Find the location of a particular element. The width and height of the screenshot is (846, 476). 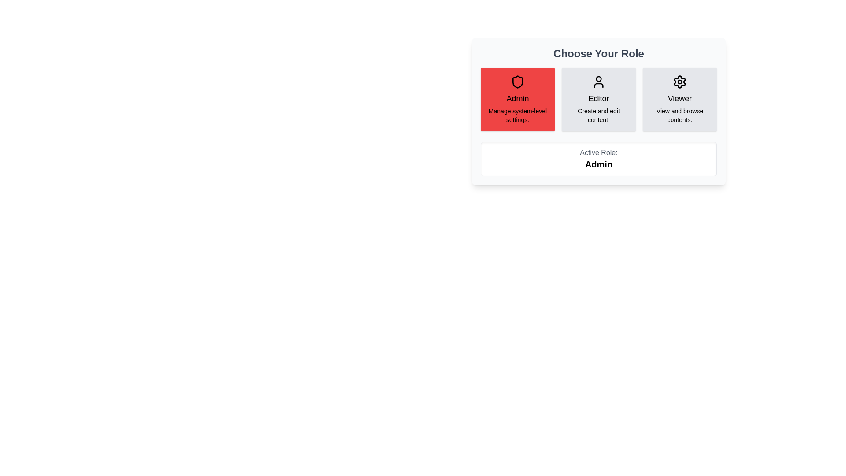

the role Viewer by clicking on its corresponding button is located at coordinates (679, 99).